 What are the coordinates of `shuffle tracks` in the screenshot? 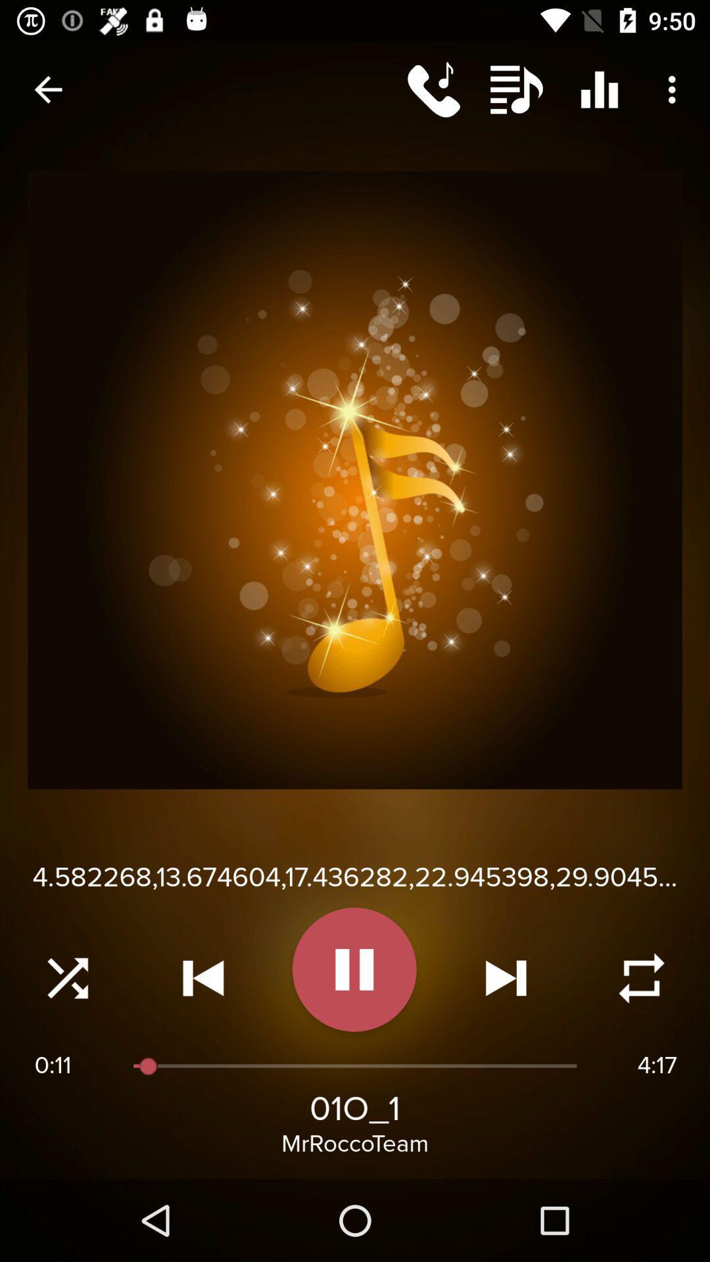 It's located at (68, 978).